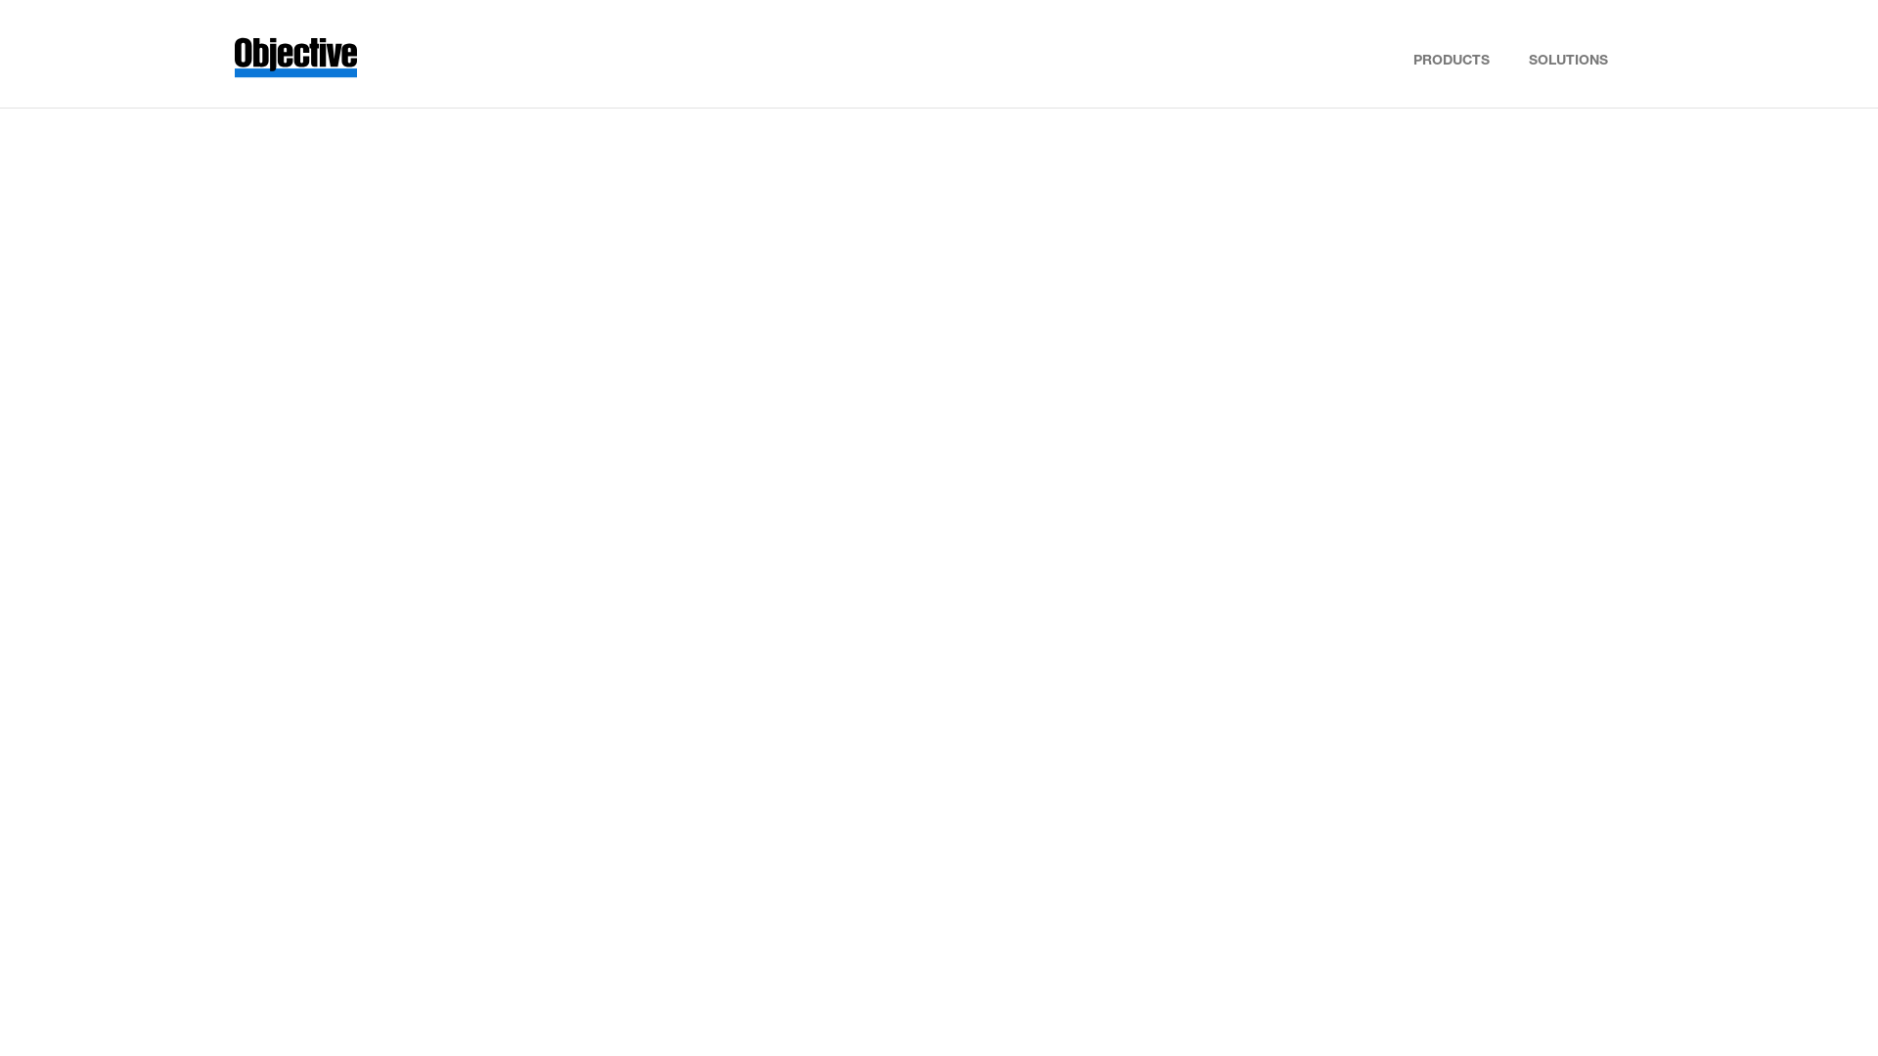 This screenshot has height=1056, width=1878. I want to click on 'SOLUTIONS', so click(1524, 55).